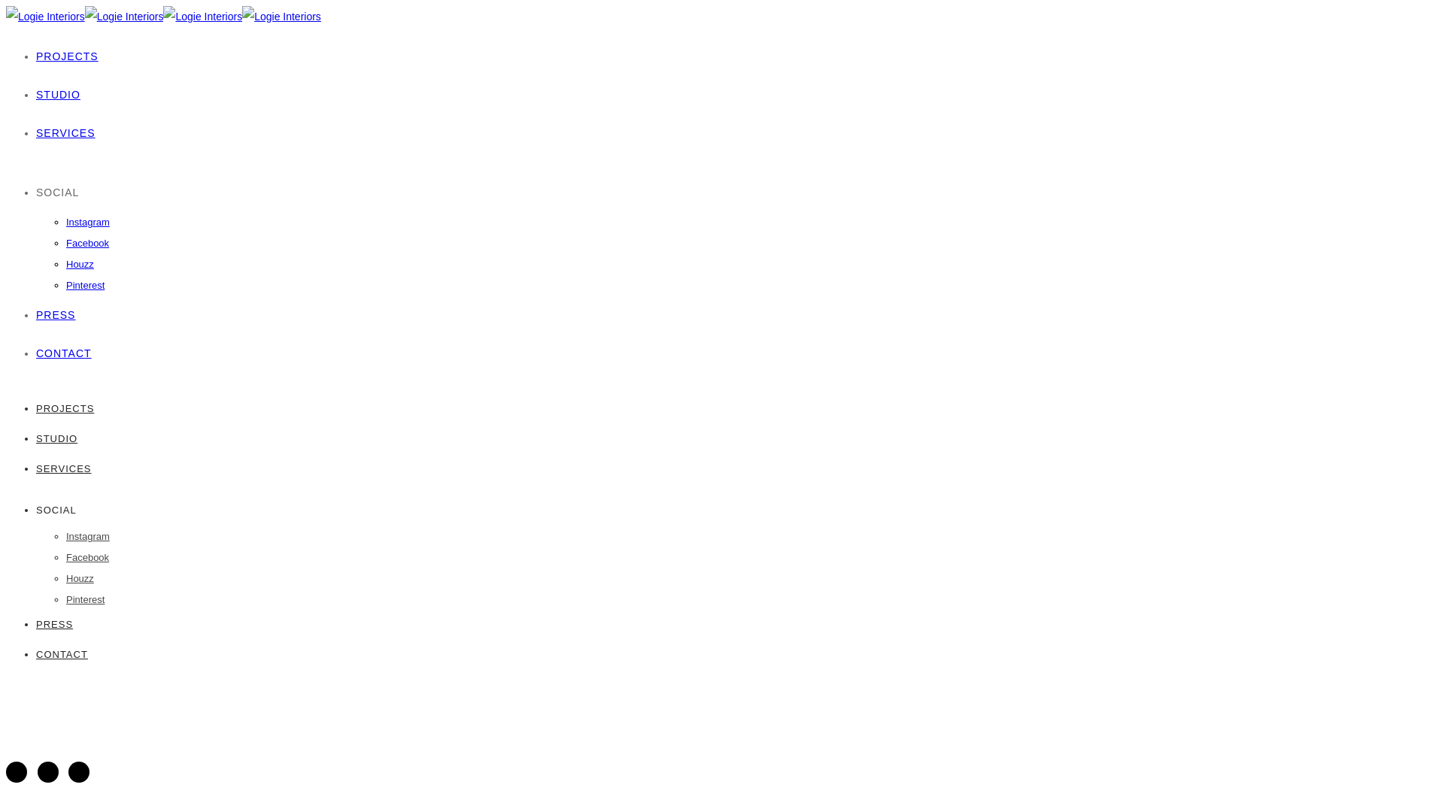  Describe the element at coordinates (65, 598) in the screenshot. I see `'Pinterest'` at that location.